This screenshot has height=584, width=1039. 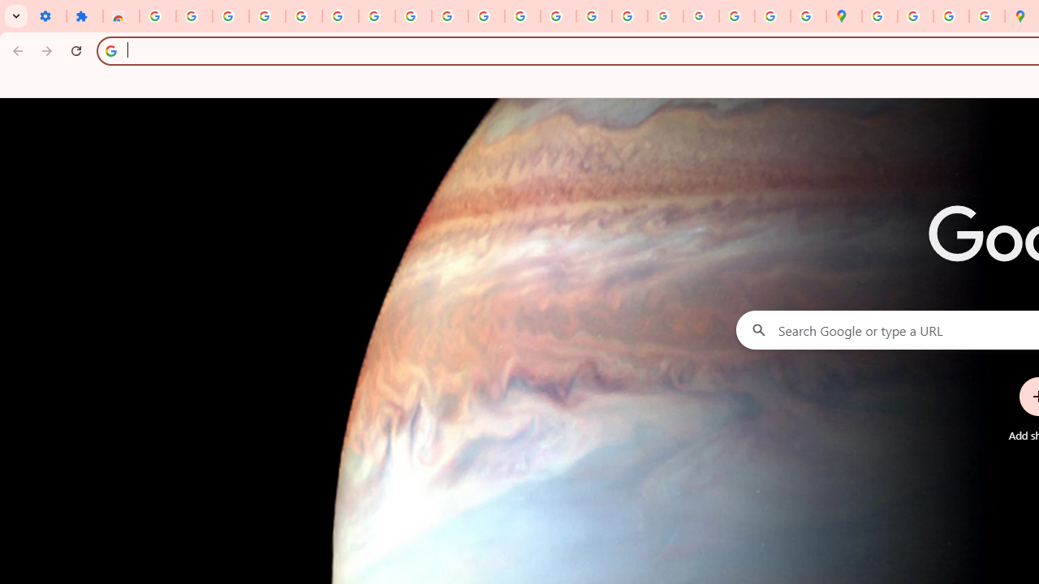 What do you see at coordinates (844, 16) in the screenshot?
I see `'Google Maps'` at bounding box center [844, 16].